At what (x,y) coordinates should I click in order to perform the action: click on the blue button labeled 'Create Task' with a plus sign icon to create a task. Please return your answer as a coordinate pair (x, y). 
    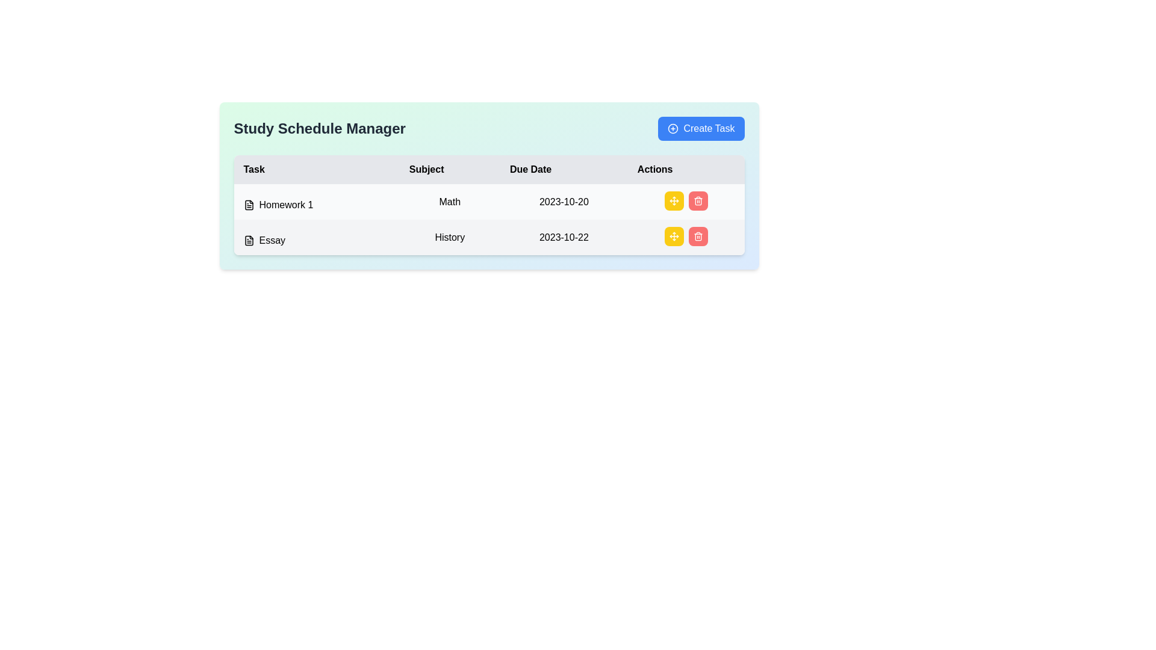
    Looking at the image, I should click on (701, 128).